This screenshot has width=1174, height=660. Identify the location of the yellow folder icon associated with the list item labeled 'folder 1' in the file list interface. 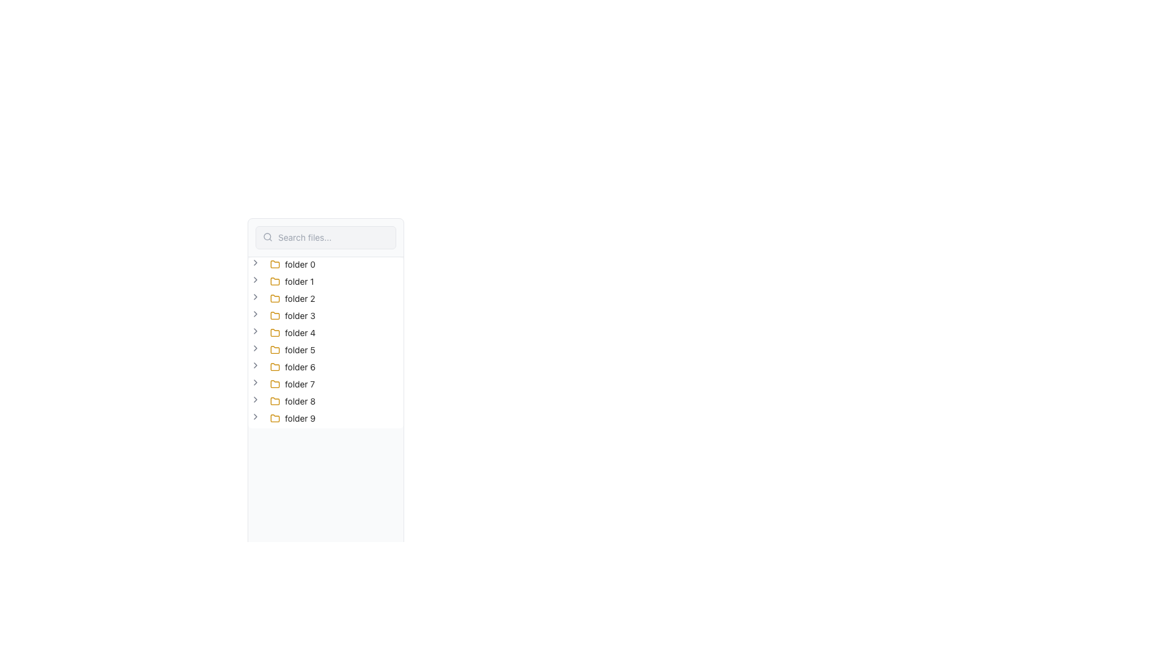
(275, 280).